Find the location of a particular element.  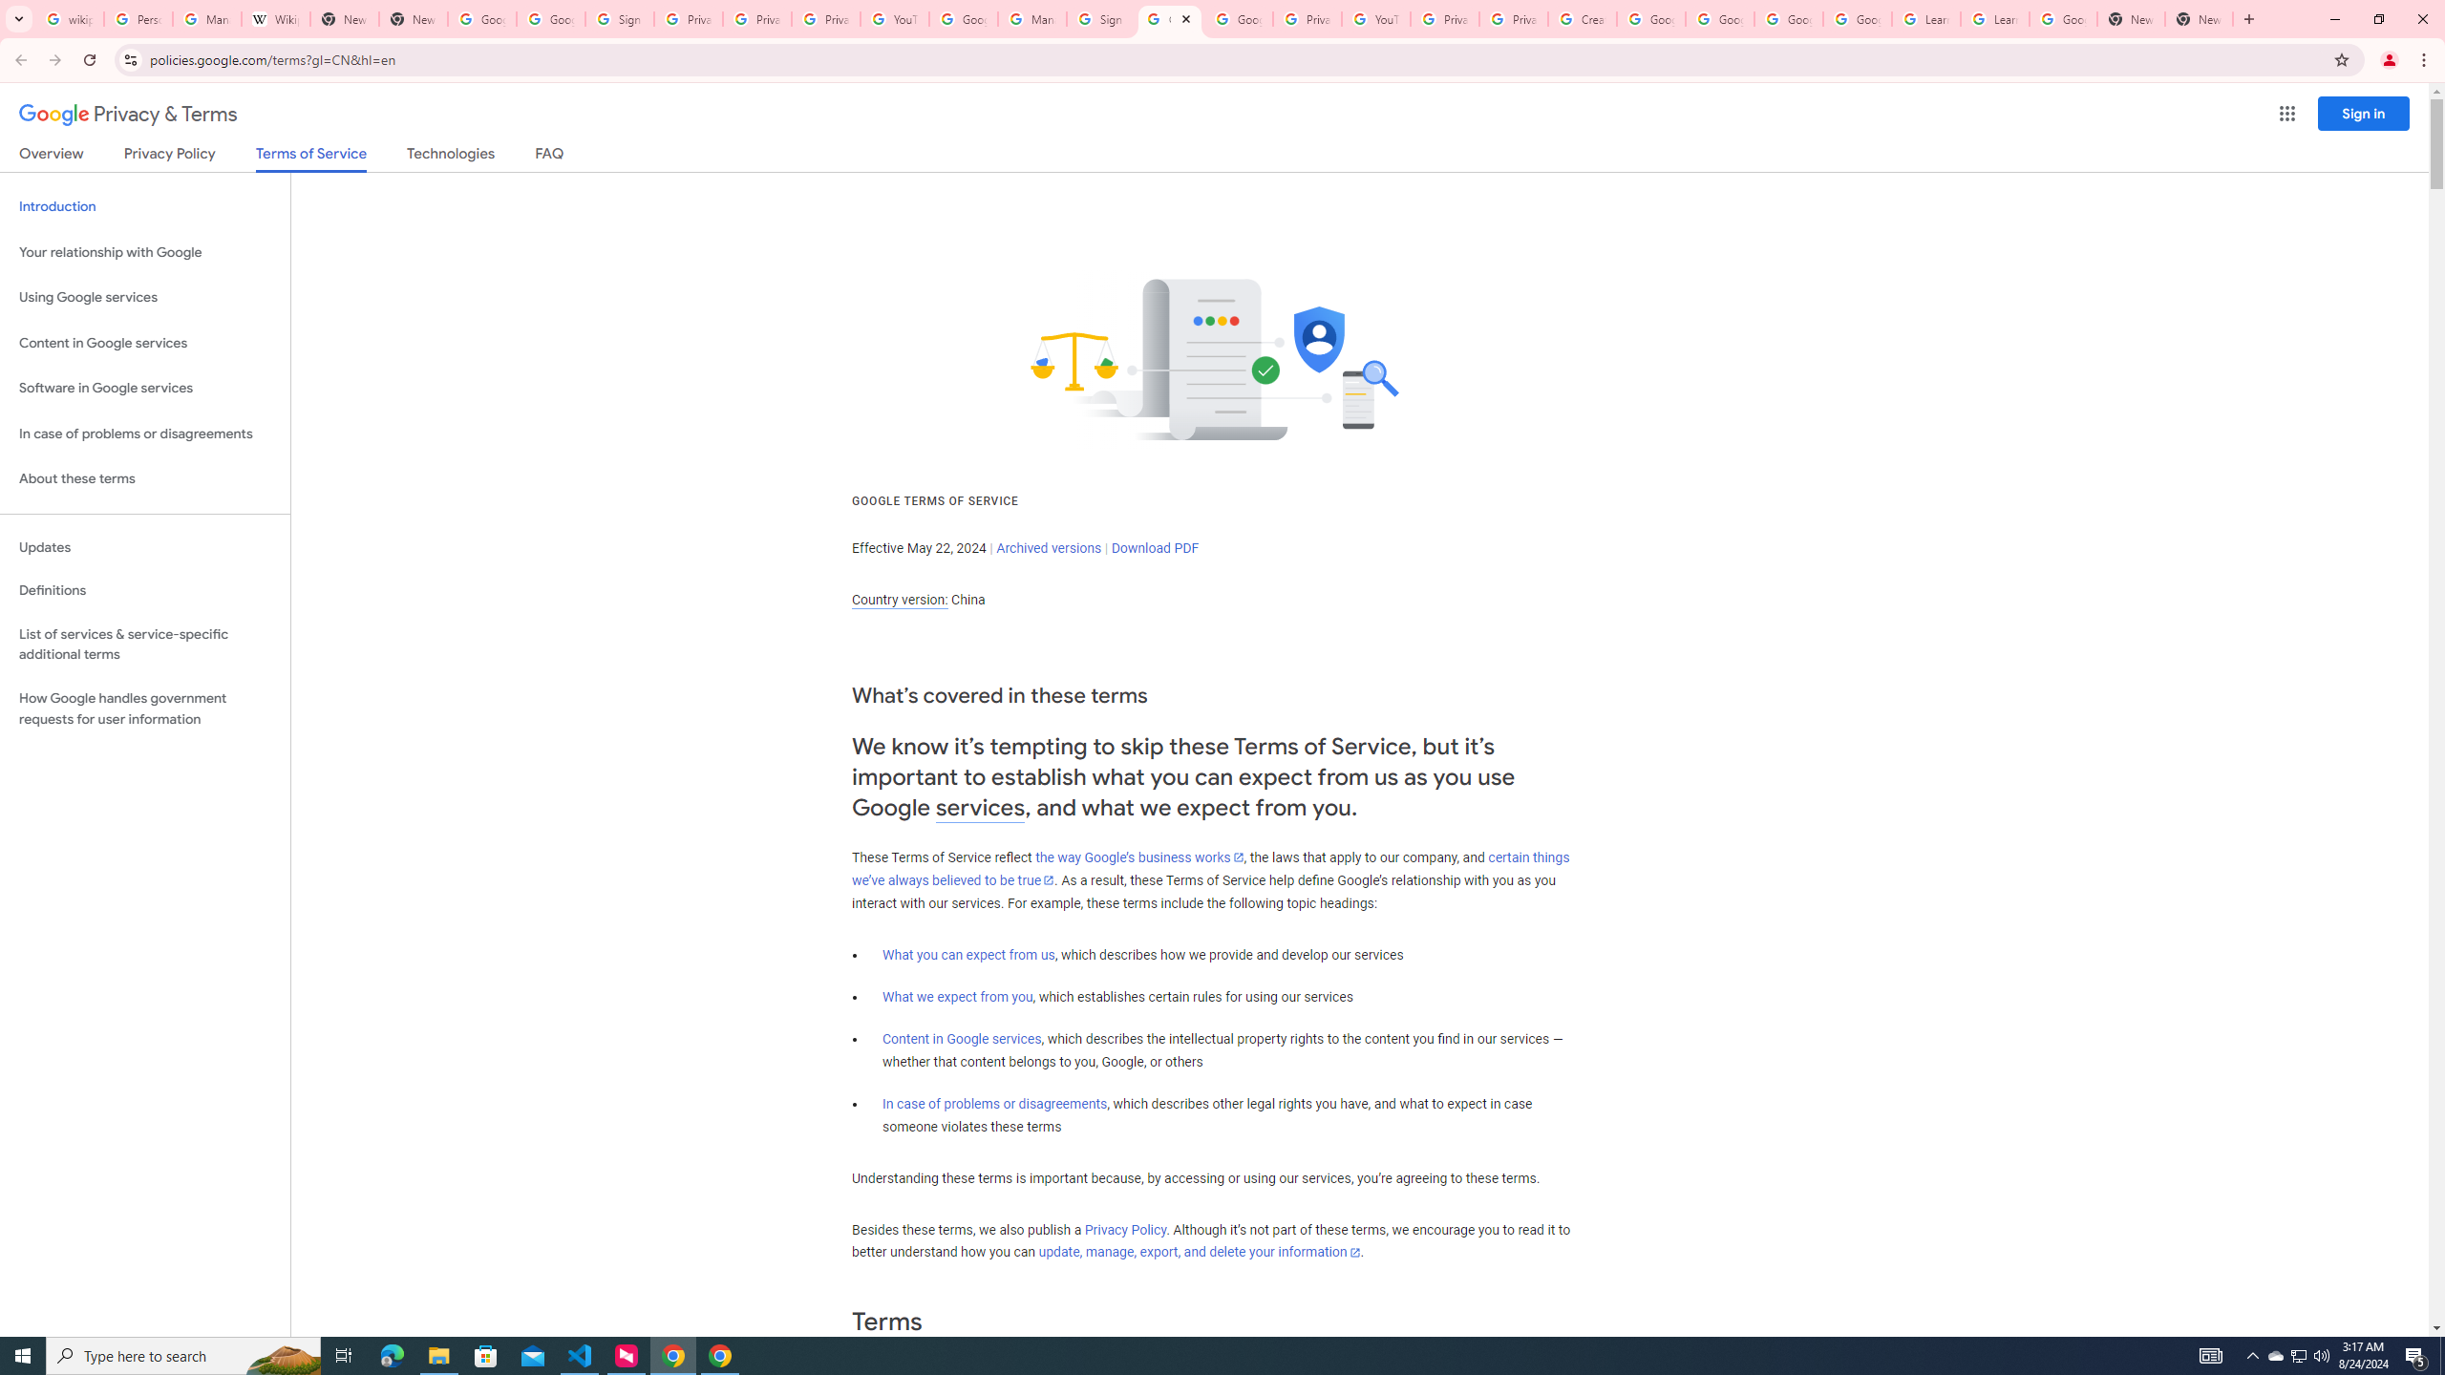

'Sign in - Google Accounts' is located at coordinates (1101, 18).